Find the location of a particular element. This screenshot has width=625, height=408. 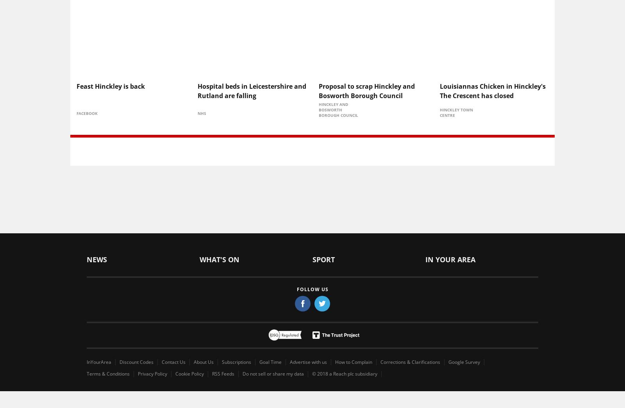

'Cookie Policy' is located at coordinates (189, 373).